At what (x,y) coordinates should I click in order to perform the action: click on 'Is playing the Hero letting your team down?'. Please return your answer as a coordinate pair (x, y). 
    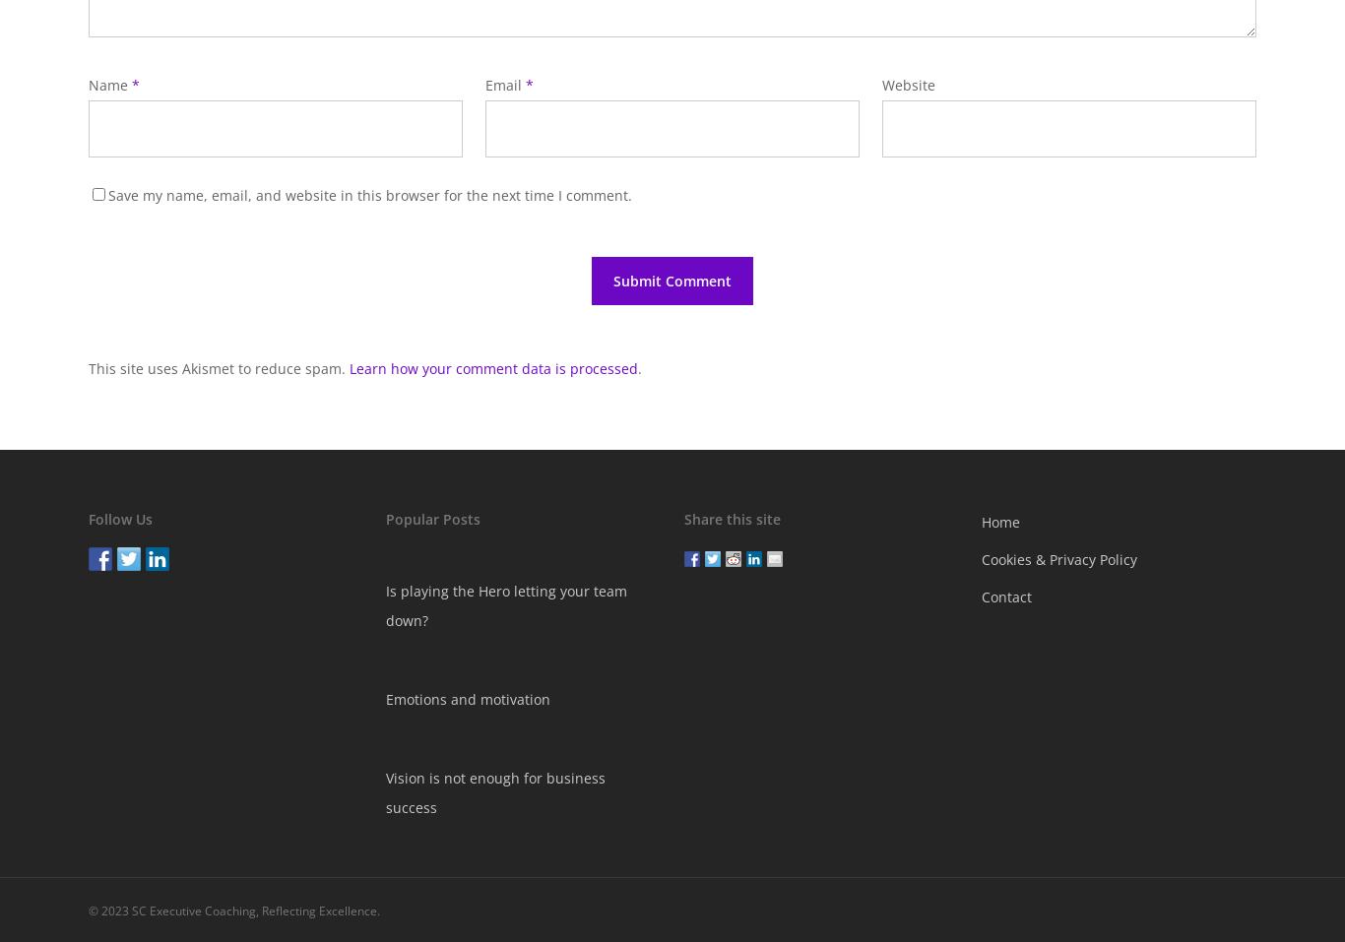
    Looking at the image, I should click on (506, 604).